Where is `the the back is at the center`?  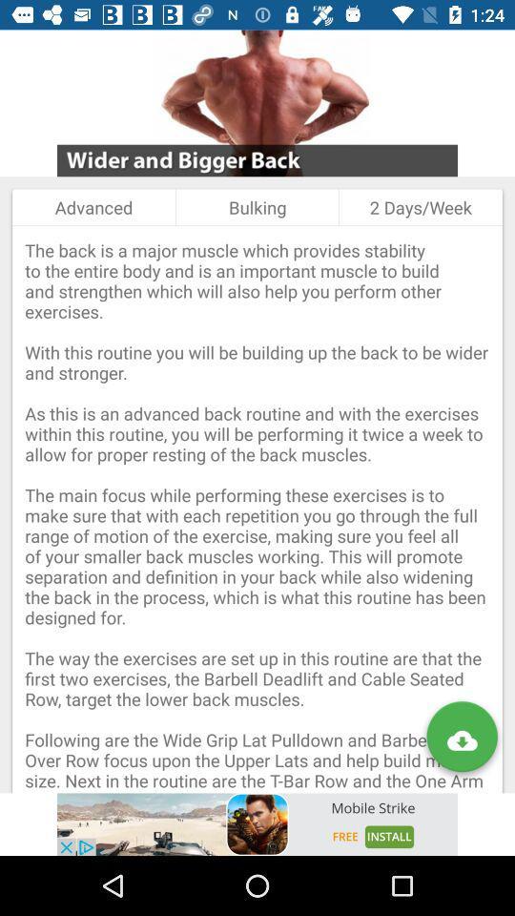 the the back is at the center is located at coordinates (257, 509).